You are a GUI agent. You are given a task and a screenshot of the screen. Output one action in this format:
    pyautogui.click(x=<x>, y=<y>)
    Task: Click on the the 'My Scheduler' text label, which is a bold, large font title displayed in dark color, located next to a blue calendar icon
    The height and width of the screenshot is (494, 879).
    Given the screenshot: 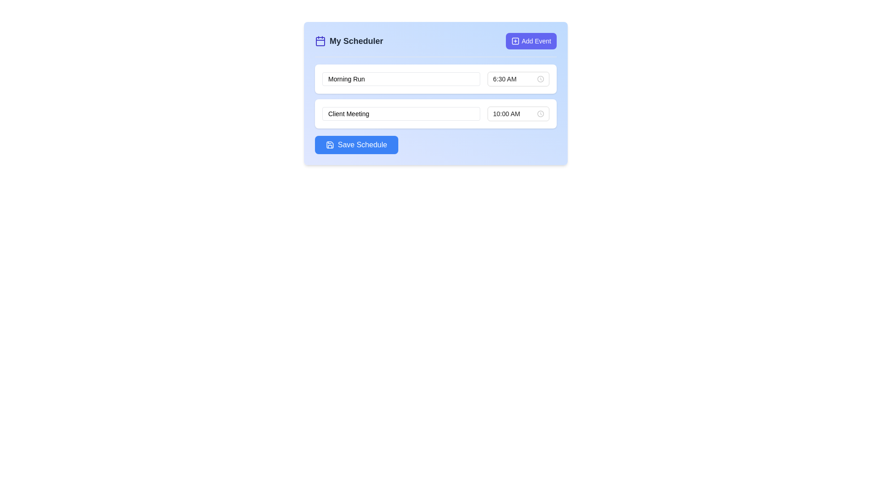 What is the action you would take?
    pyautogui.click(x=356, y=40)
    